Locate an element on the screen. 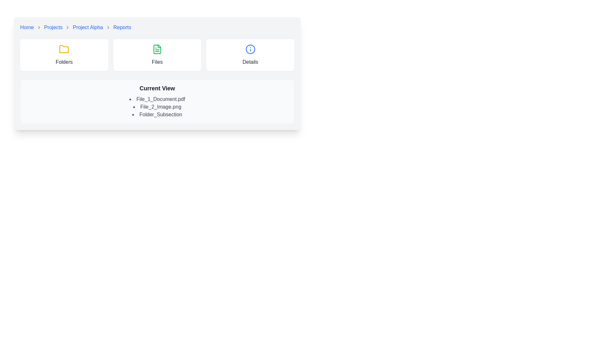 The height and width of the screenshot is (346, 615). the right-facing chevron icon in the breadcrumb navigation bar that separates 'Home' and 'Projects' is located at coordinates (38, 27).